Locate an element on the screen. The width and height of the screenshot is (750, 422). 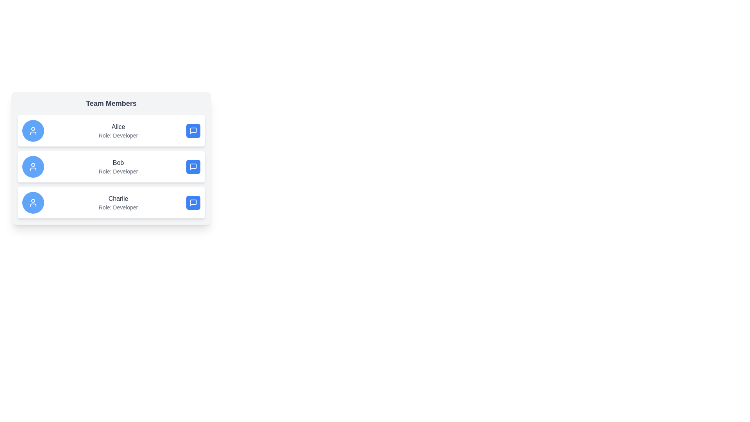
the blue button with white text and a speech bubble icon located in the card for 'Charlie, Role: Developer' to initiate messaging is located at coordinates (193, 202).